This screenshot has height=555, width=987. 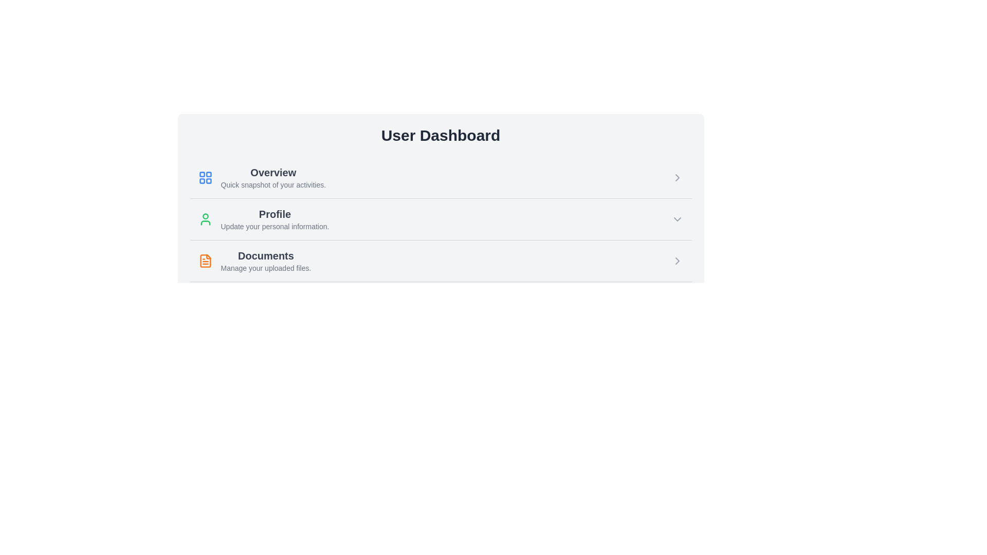 I want to click on the text label or heading located in the upper-left quadrant of the 'User Dashboard', which serves as a title for the section and is positioned above the 'Quick snapshot of your activities' text, so click(x=273, y=172).